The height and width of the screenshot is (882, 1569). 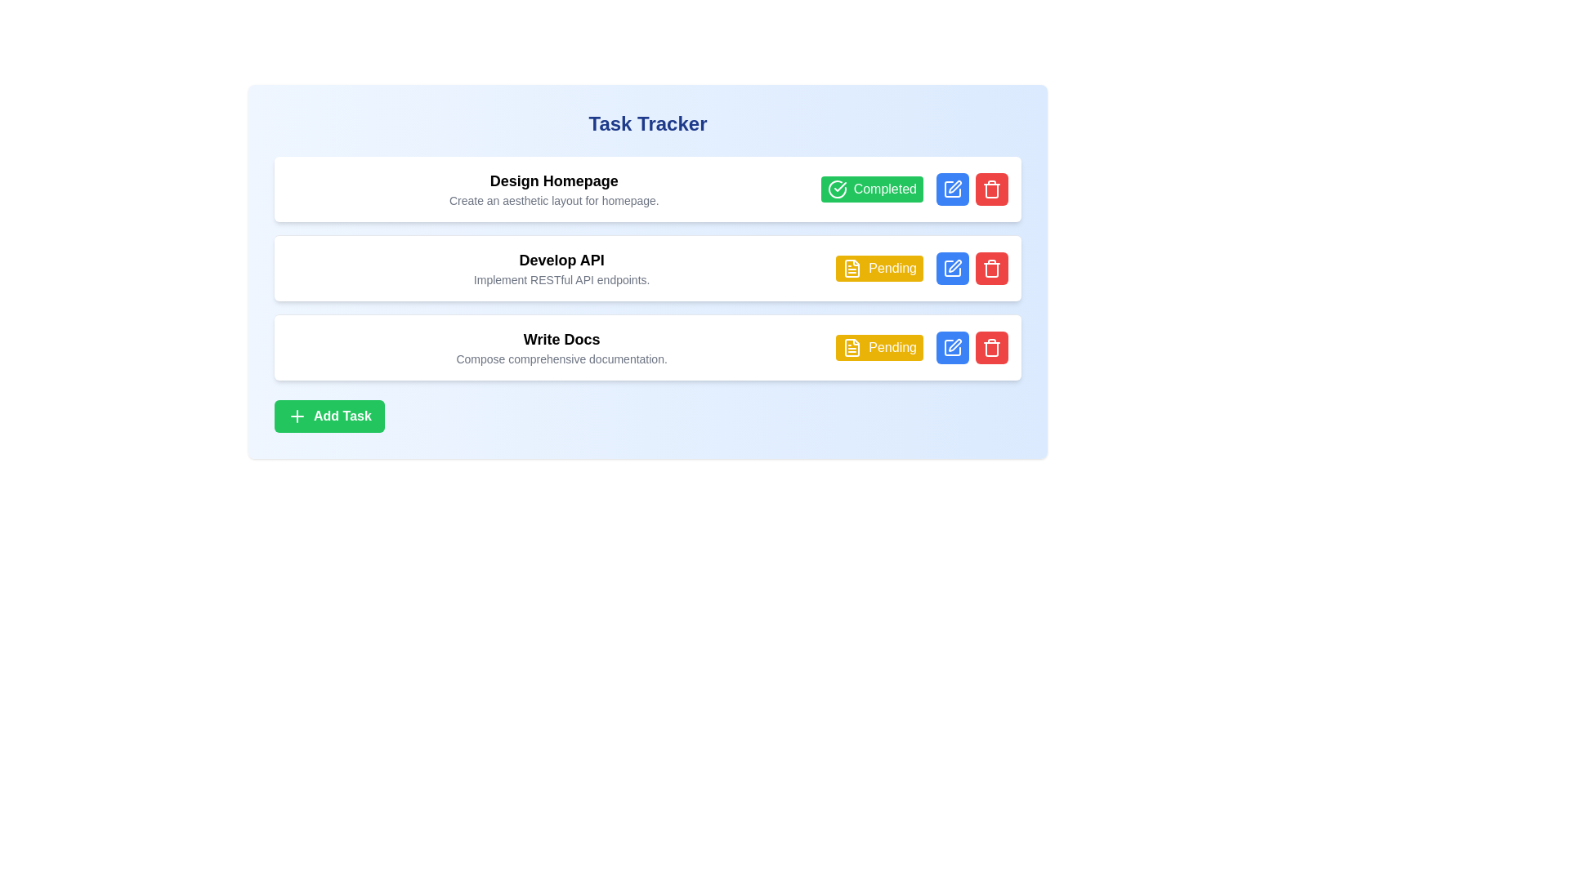 What do you see at coordinates (878, 346) in the screenshot?
I see `the Status label indicating the current state of the associated task ('Pending') located in the bottom task card labeled 'Write Docs'` at bounding box center [878, 346].